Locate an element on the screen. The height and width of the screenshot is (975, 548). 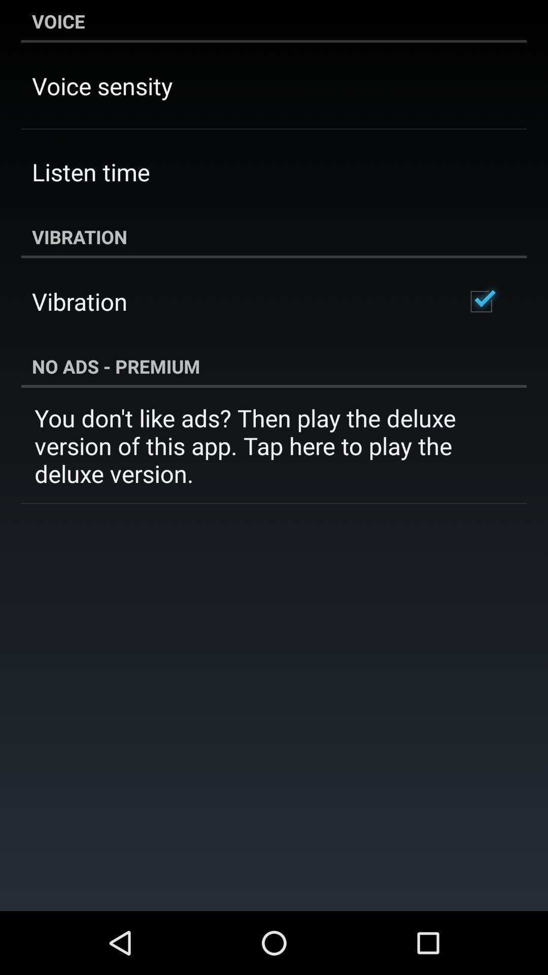
app above vibration app is located at coordinates (90, 172).